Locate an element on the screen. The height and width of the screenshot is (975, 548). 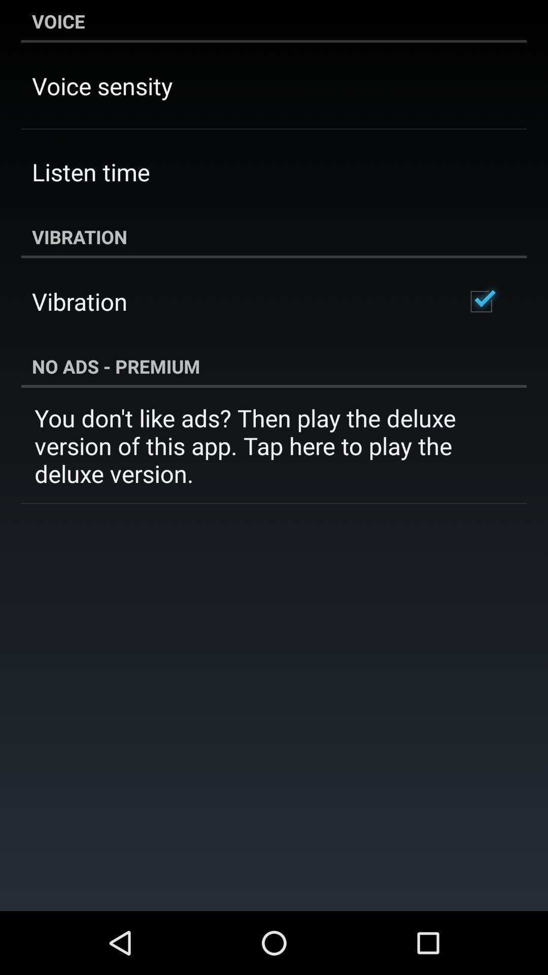
app above vibration app is located at coordinates (90, 172).